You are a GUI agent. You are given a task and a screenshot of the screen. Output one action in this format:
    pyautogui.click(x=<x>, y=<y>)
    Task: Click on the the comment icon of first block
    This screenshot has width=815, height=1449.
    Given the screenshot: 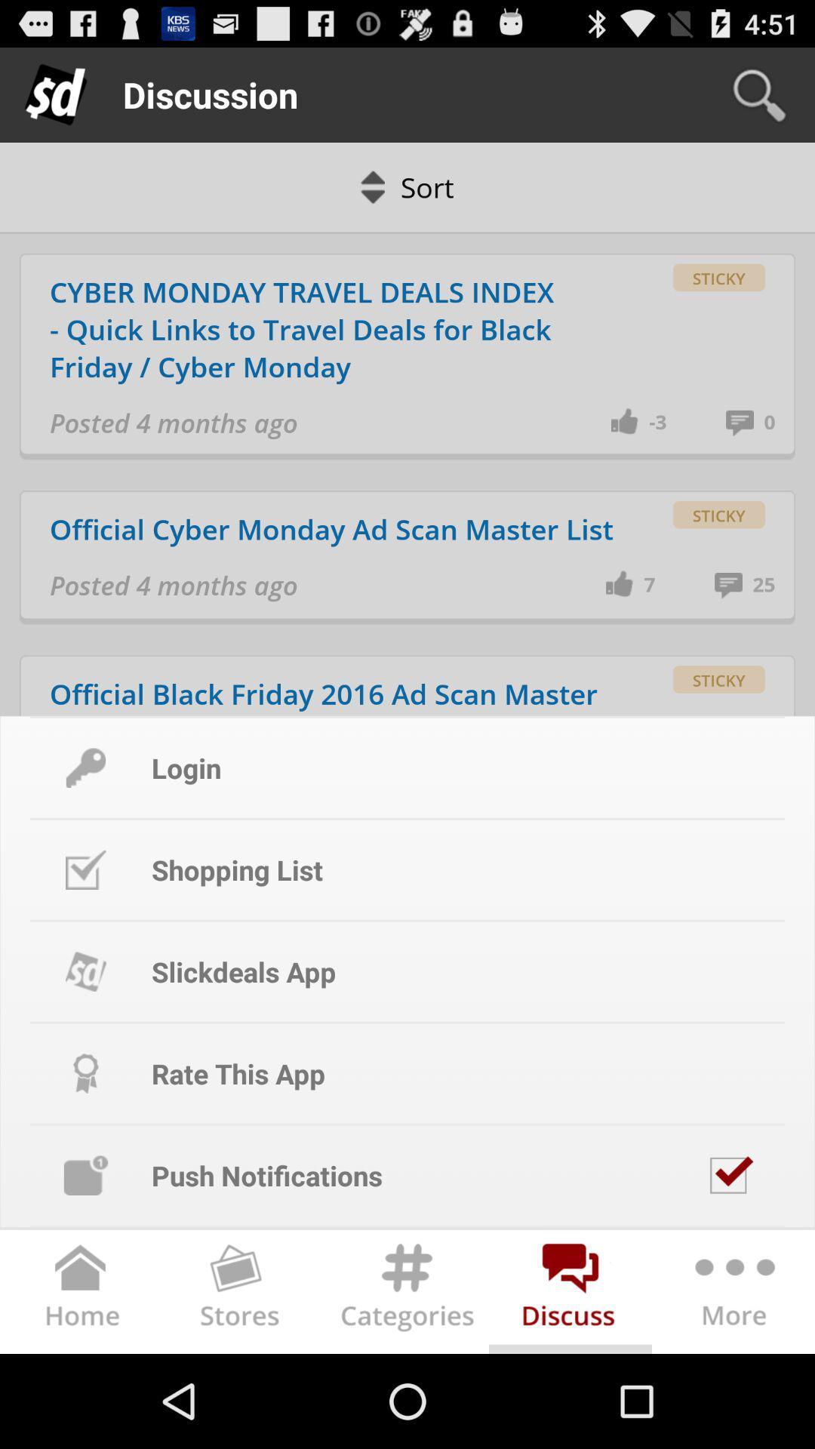 What is the action you would take?
    pyautogui.click(x=744, y=422)
    